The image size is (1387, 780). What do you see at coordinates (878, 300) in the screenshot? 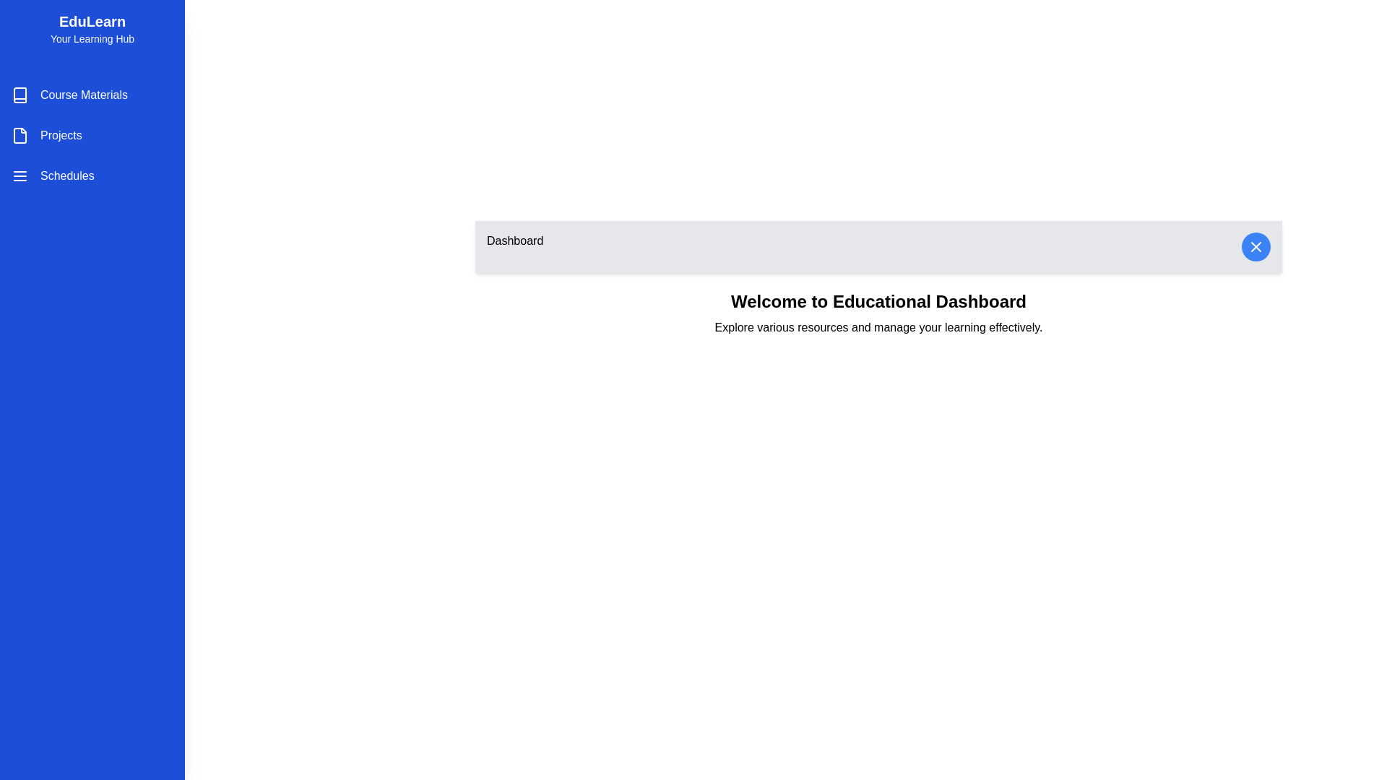
I see `text heading that reads 'Welcome to Educational Dashboard', which is styled in bold and large font, located near the top center of the interface` at bounding box center [878, 300].